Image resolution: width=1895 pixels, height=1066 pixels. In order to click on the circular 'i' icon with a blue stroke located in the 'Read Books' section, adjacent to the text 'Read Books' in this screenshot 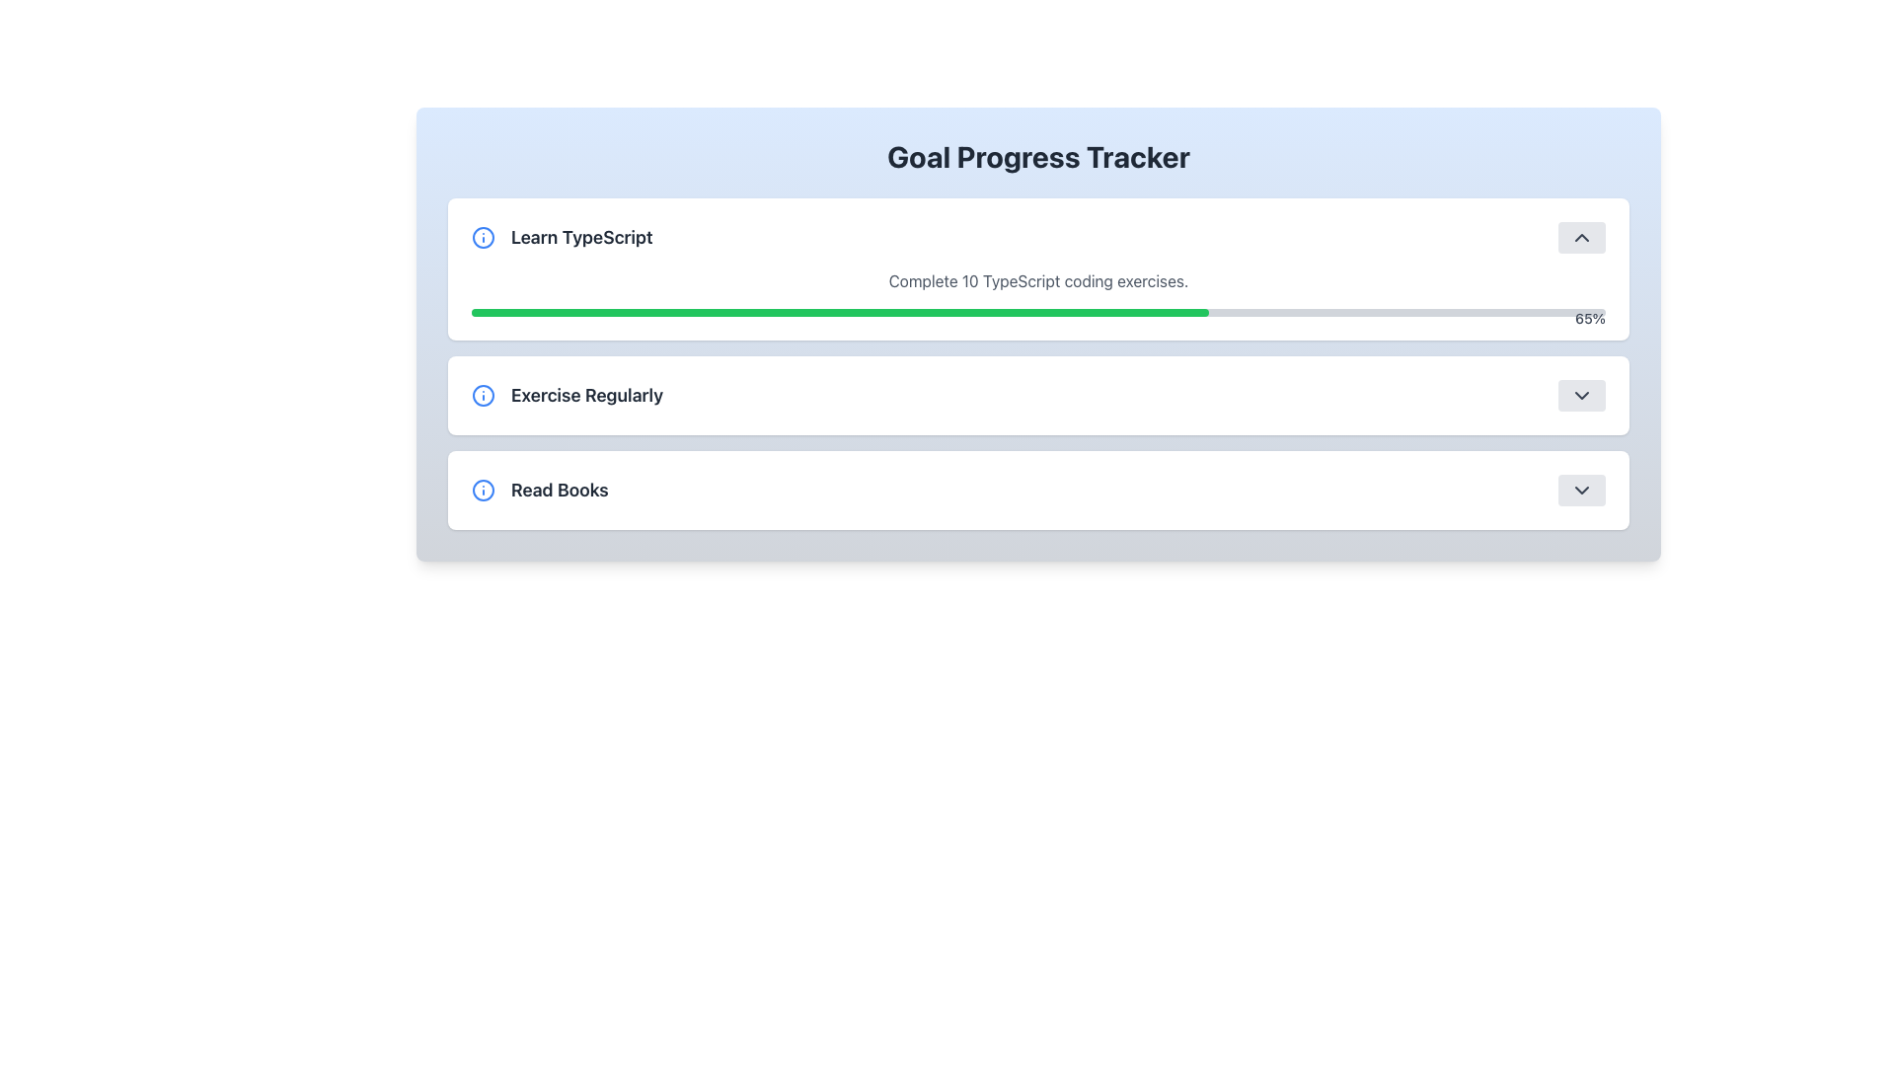, I will do `click(483, 490)`.